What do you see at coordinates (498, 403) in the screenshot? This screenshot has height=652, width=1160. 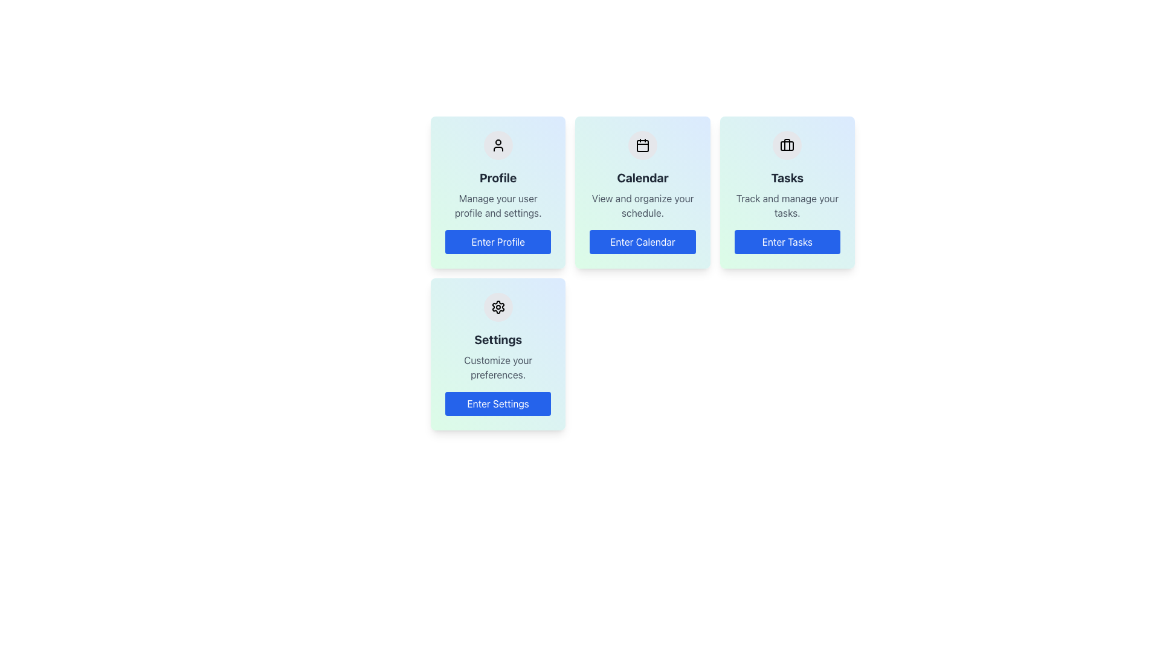 I see `the rectangular button with a bright blue background and white text that reads 'Enter Settings', located at the bottom of the 'Settings' card` at bounding box center [498, 403].